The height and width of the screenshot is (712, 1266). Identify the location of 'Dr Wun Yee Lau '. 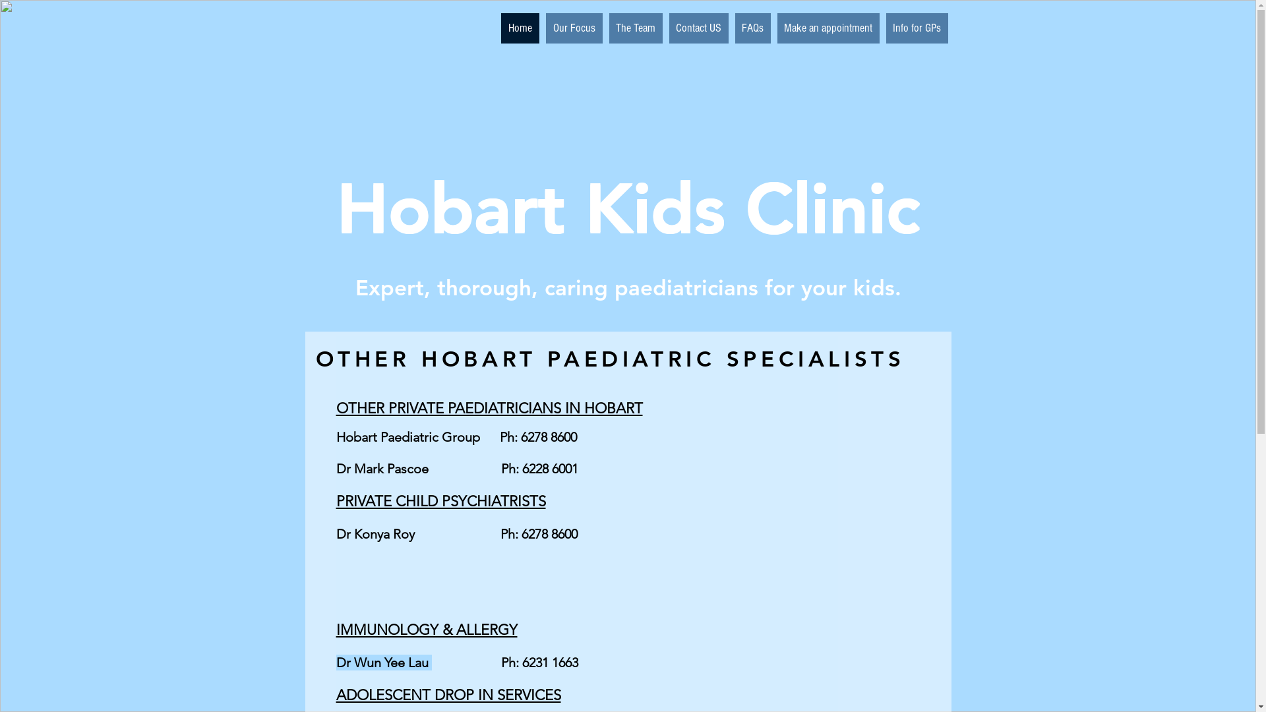
(383, 663).